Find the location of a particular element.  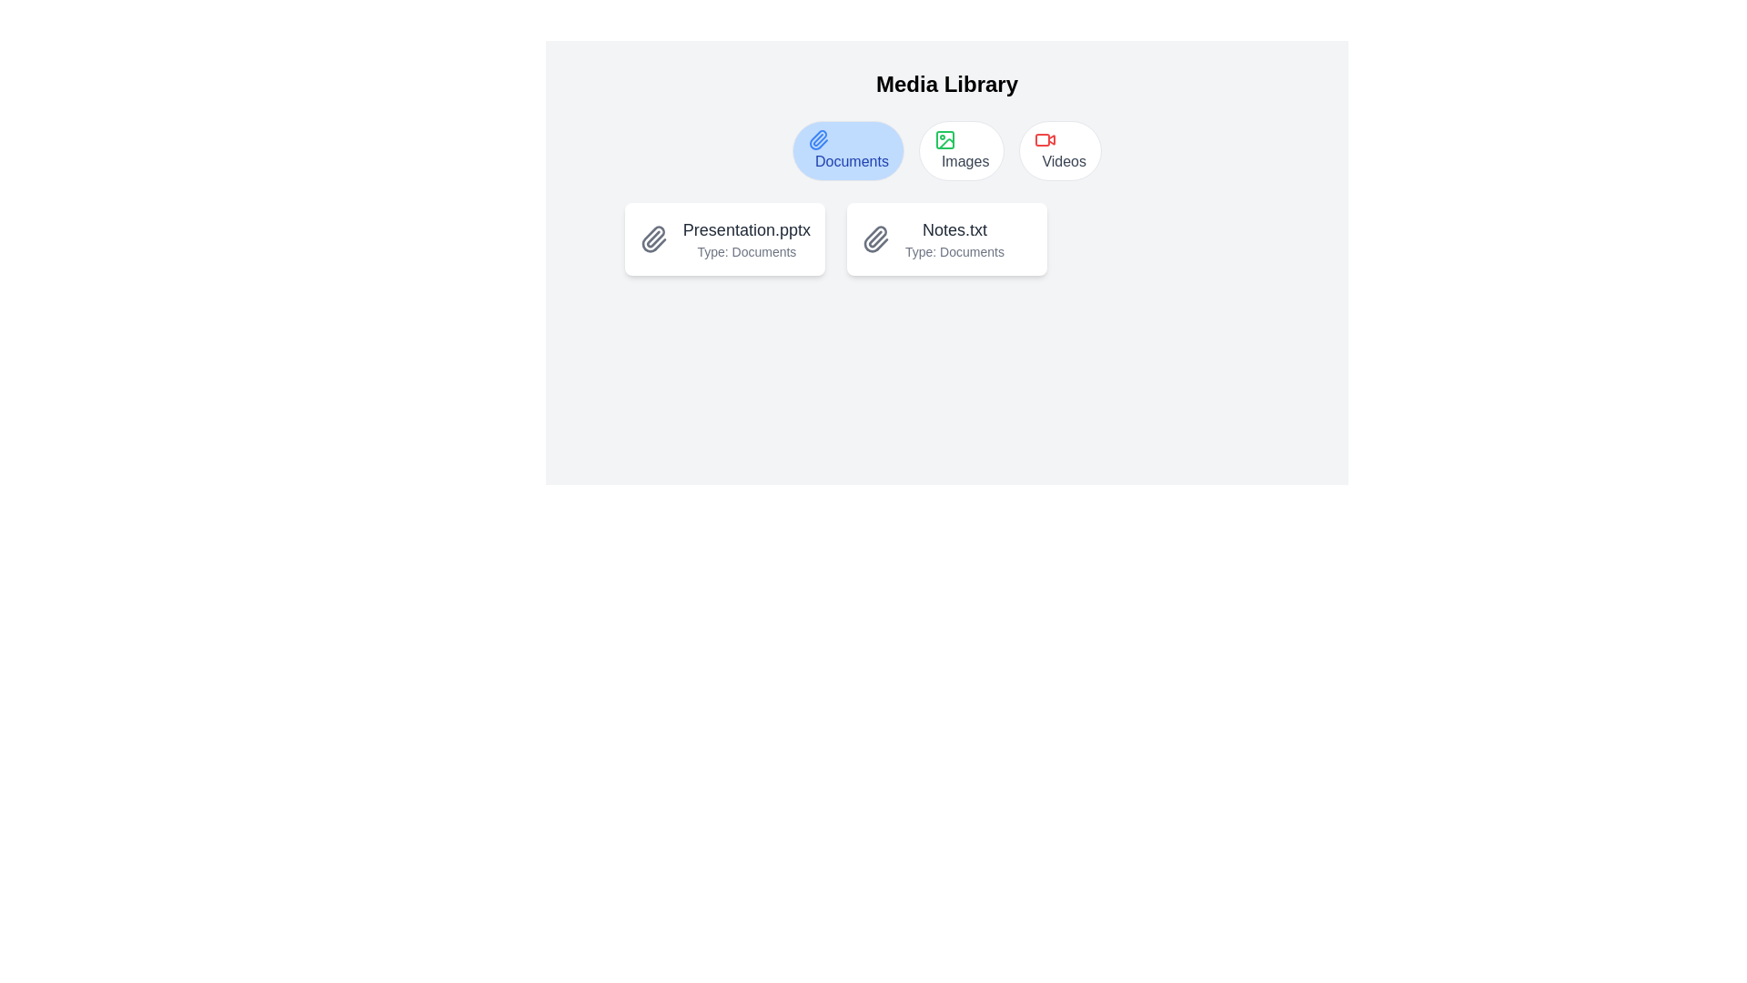

the red camera icon representing 'Video' located to the left of the 'Videos' label is located at coordinates (1045, 139).